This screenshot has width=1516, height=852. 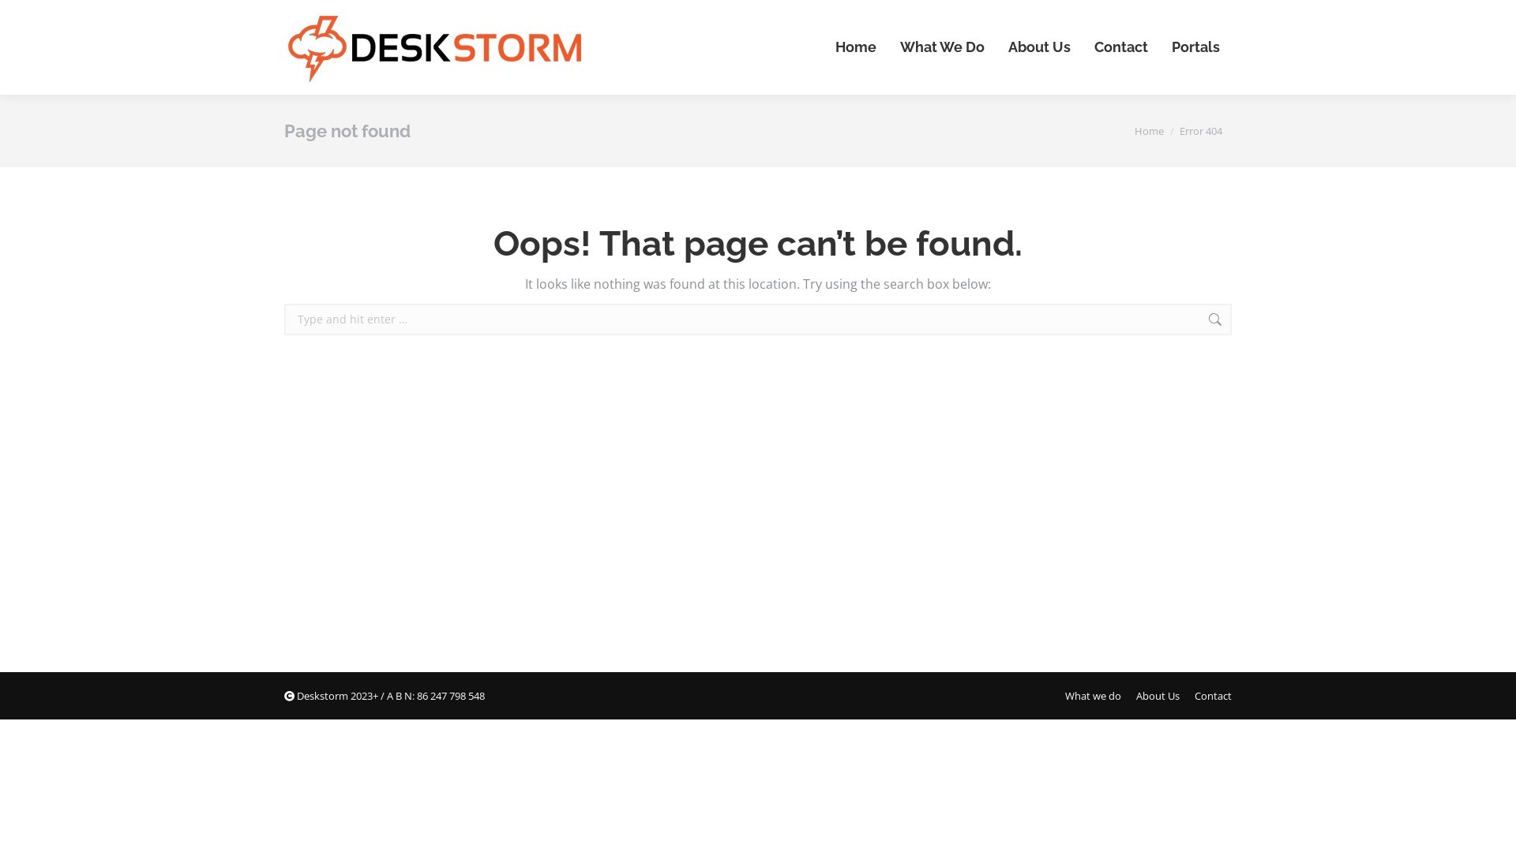 What do you see at coordinates (1255, 319) in the screenshot?
I see `'Go!'` at bounding box center [1255, 319].